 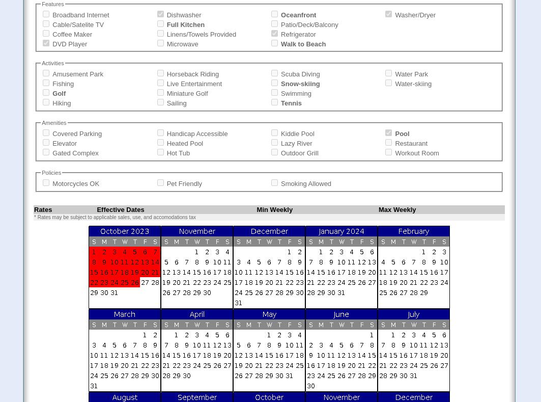 What do you see at coordinates (394, 74) in the screenshot?
I see `'Water Park'` at bounding box center [394, 74].